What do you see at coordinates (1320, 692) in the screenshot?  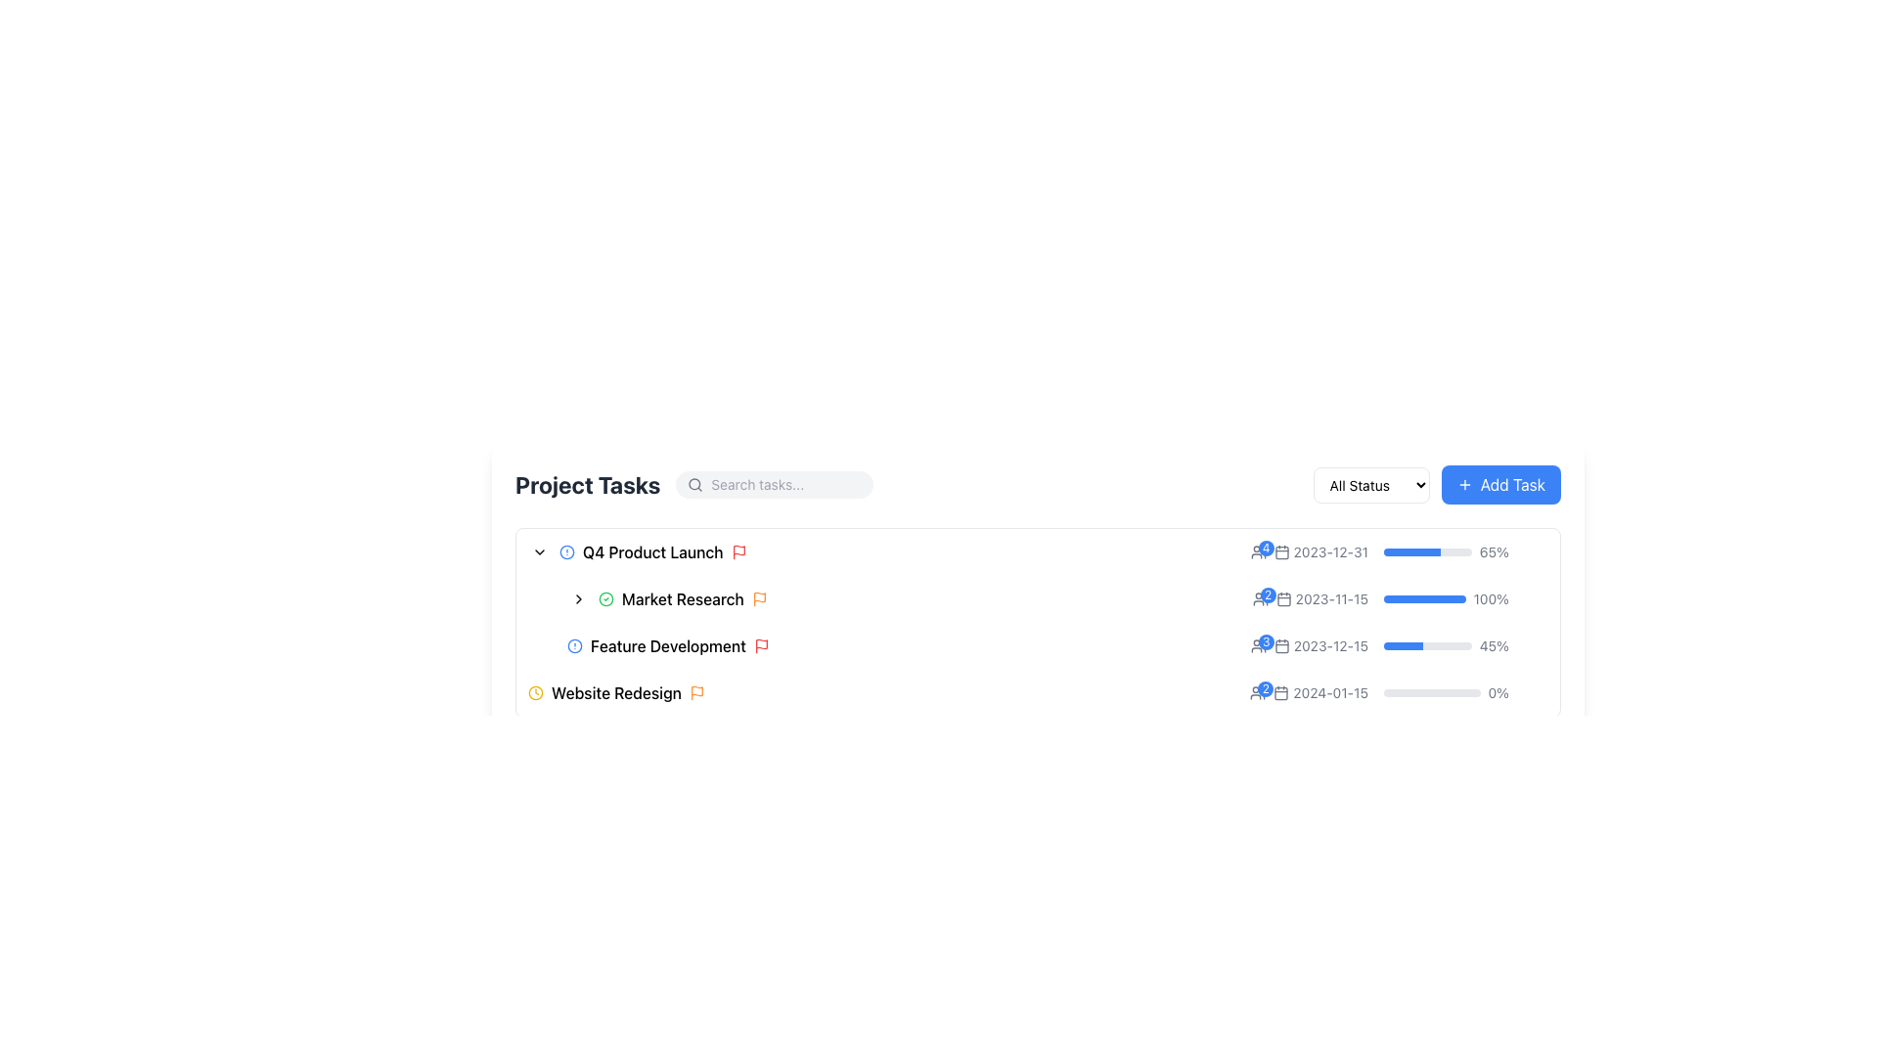 I see `the Date display element that shows '2024-01-15' with a calendar icon, styled in a small gray font, located in the fourth row of the task list` at bounding box center [1320, 692].